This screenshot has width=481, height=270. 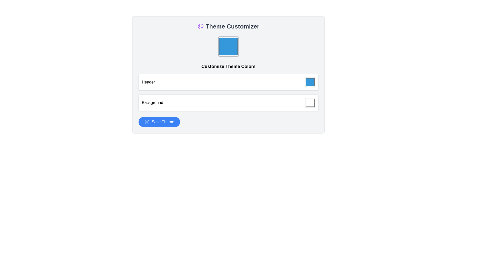 What do you see at coordinates (228, 46) in the screenshot?
I see `the blue color swatch located at the top center of the 'Customize Theme Colors' section` at bounding box center [228, 46].